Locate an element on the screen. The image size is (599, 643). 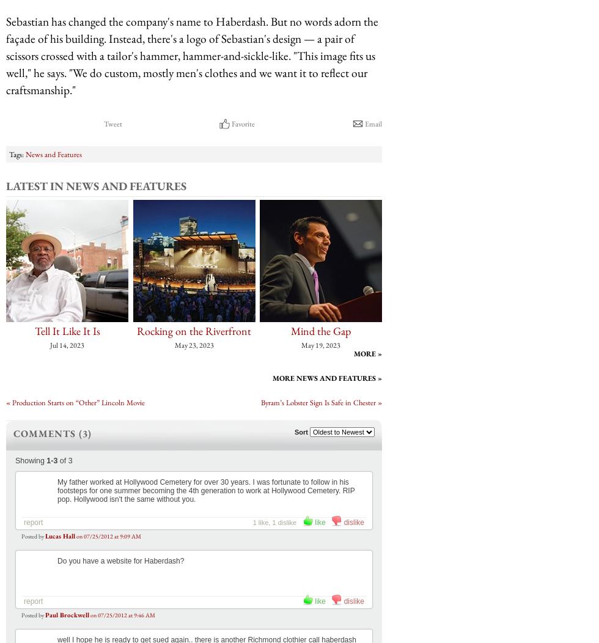
'Rocking on the Riverfront' is located at coordinates (194, 330).